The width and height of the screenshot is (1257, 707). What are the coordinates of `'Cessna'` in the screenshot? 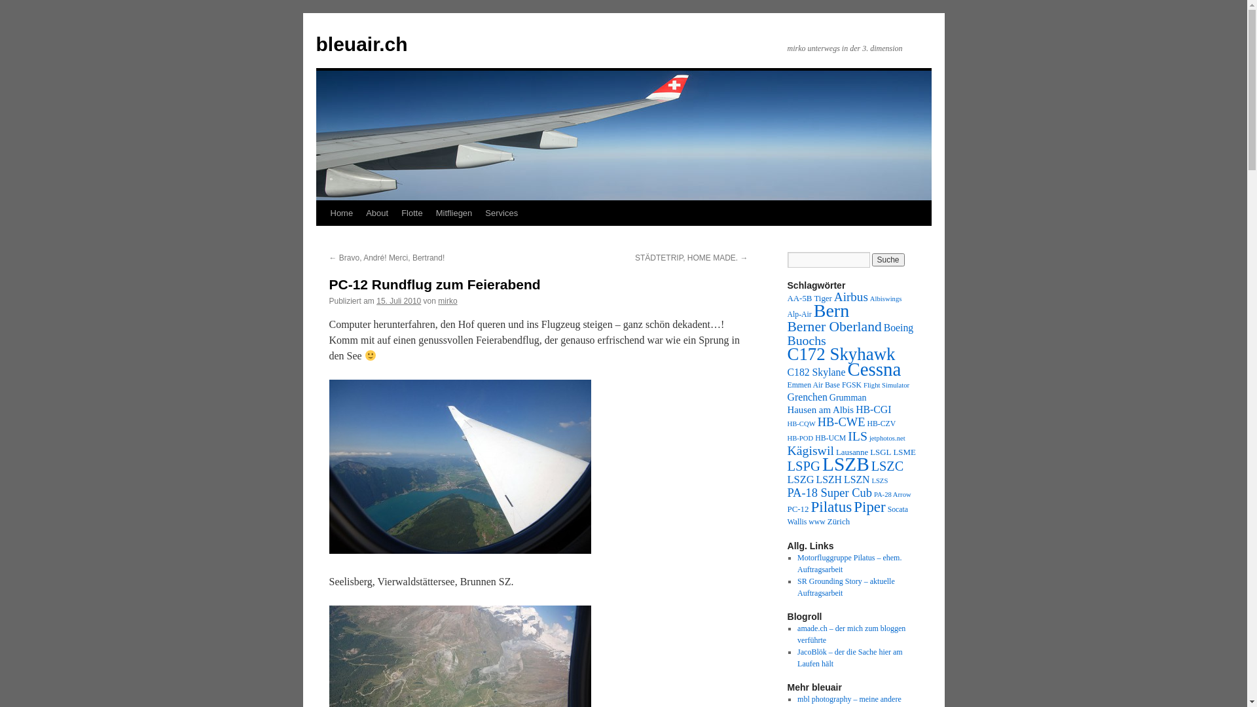 It's located at (847, 369).